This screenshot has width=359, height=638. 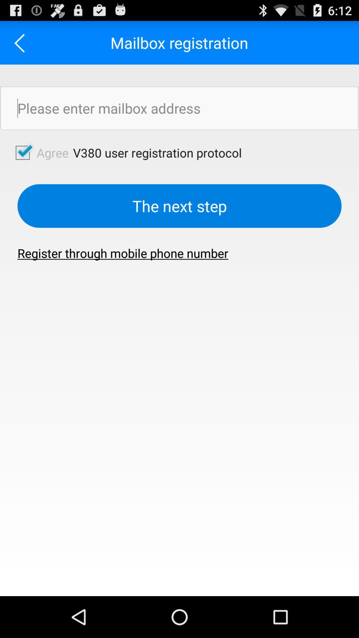 What do you see at coordinates (22, 152) in the screenshot?
I see `agree to protocol` at bounding box center [22, 152].